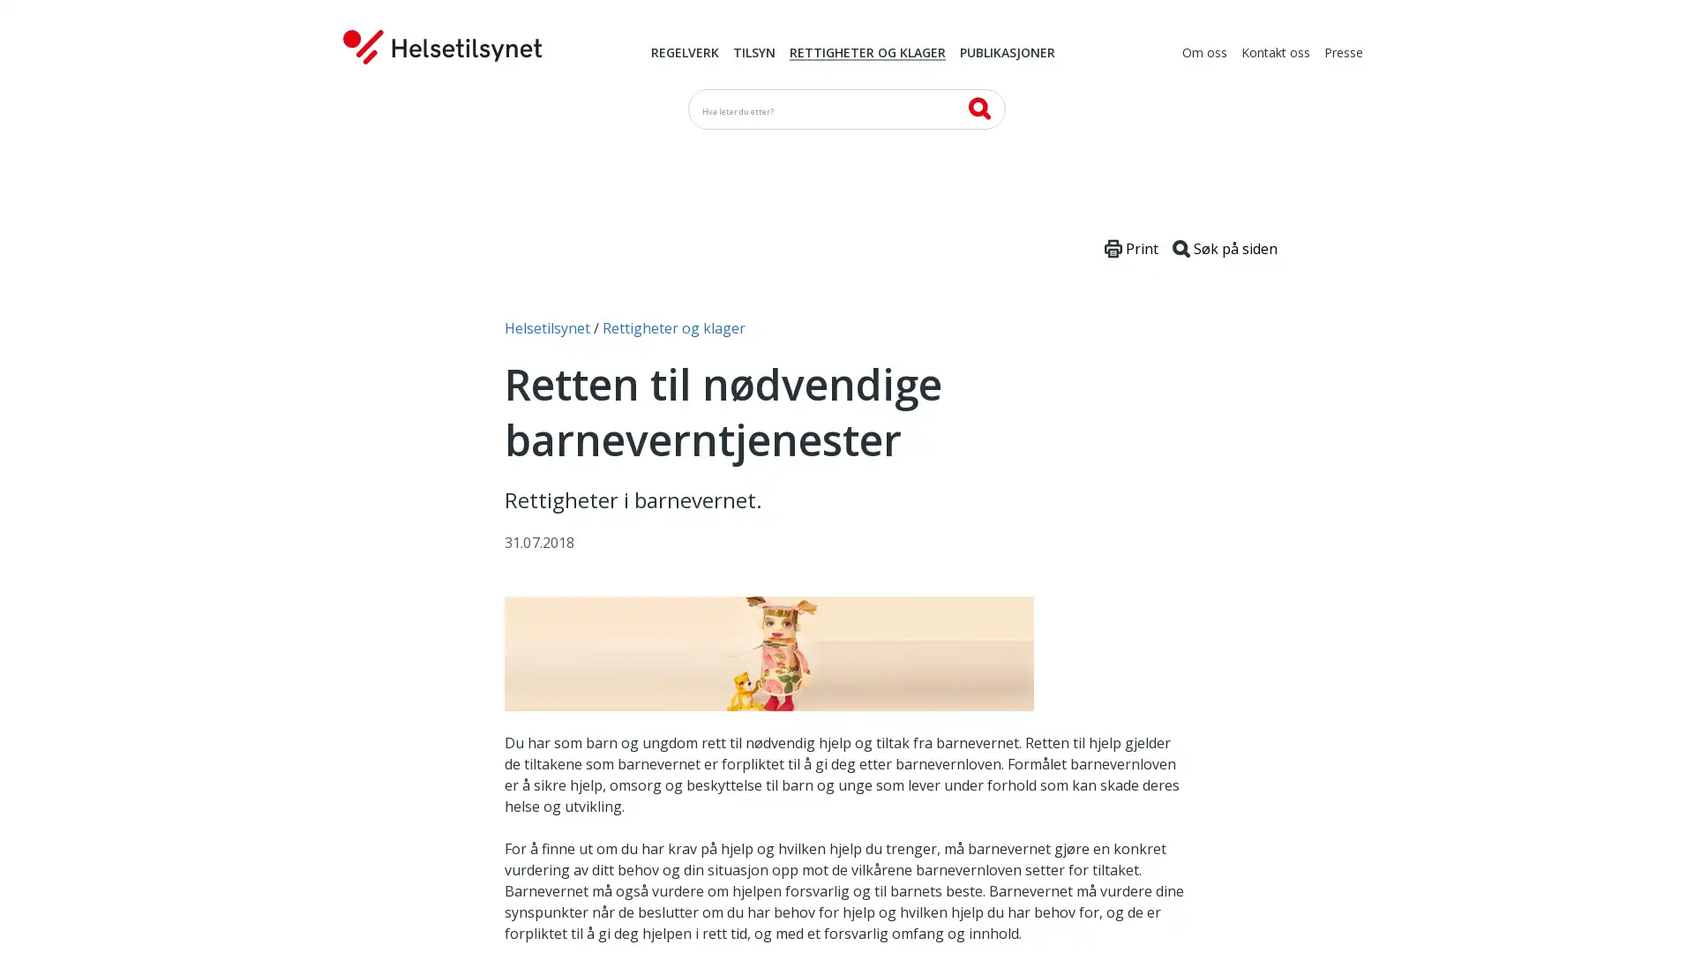  What do you see at coordinates (978, 108) in the screenshot?
I see `SK` at bounding box center [978, 108].